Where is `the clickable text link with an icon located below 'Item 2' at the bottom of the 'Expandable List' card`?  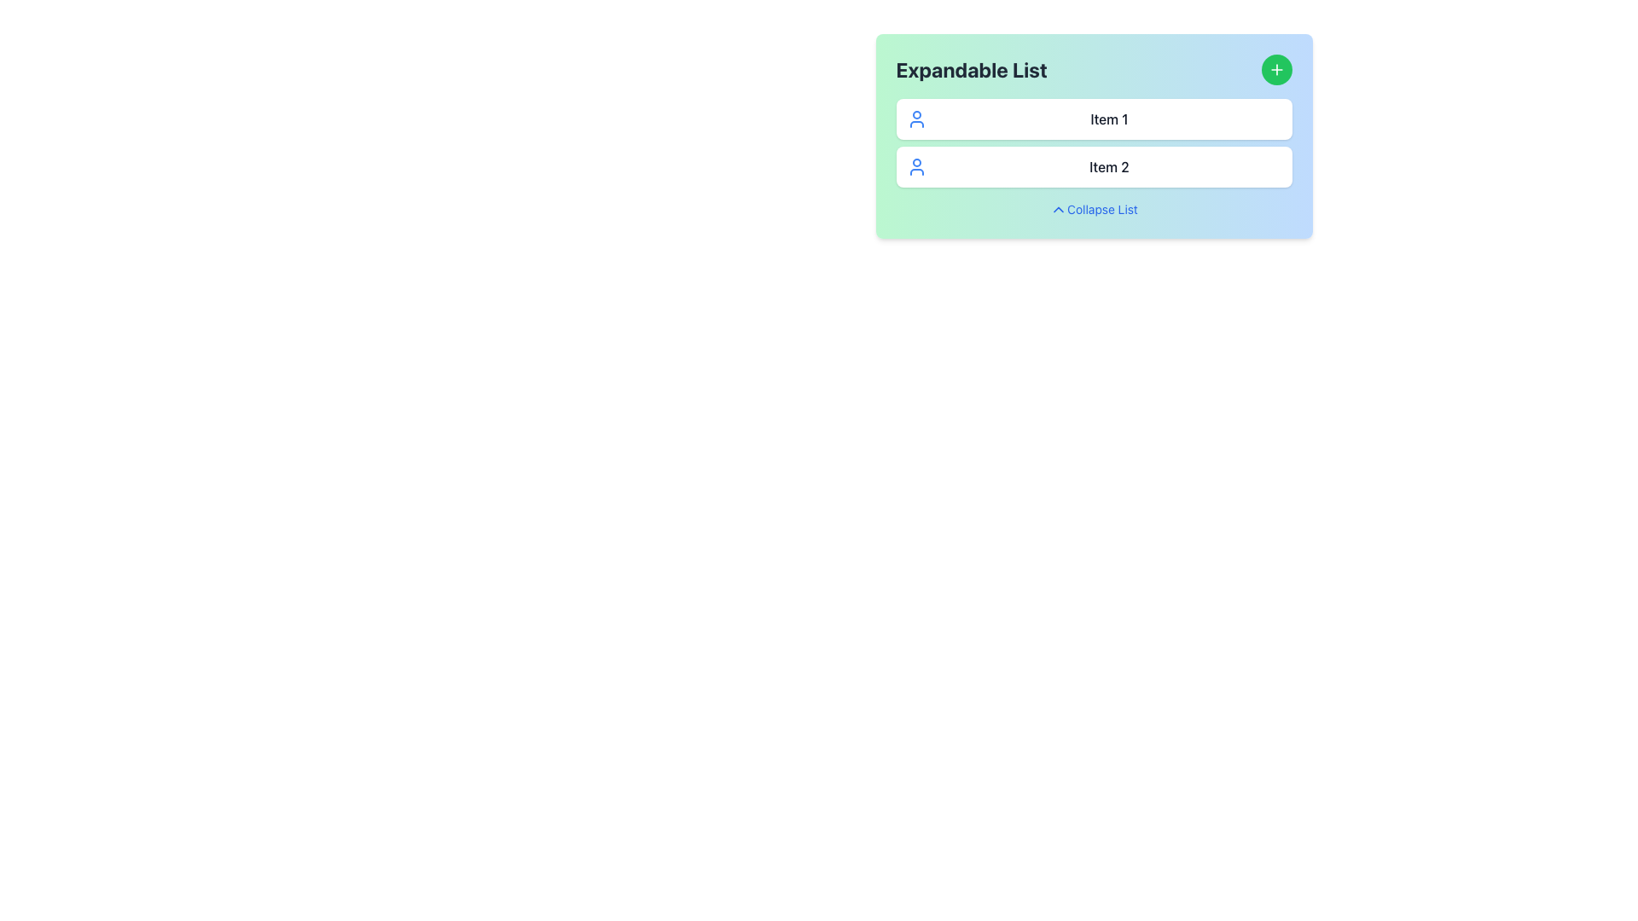
the clickable text link with an icon located below 'Item 2' at the bottom of the 'Expandable List' card is located at coordinates (1094, 209).